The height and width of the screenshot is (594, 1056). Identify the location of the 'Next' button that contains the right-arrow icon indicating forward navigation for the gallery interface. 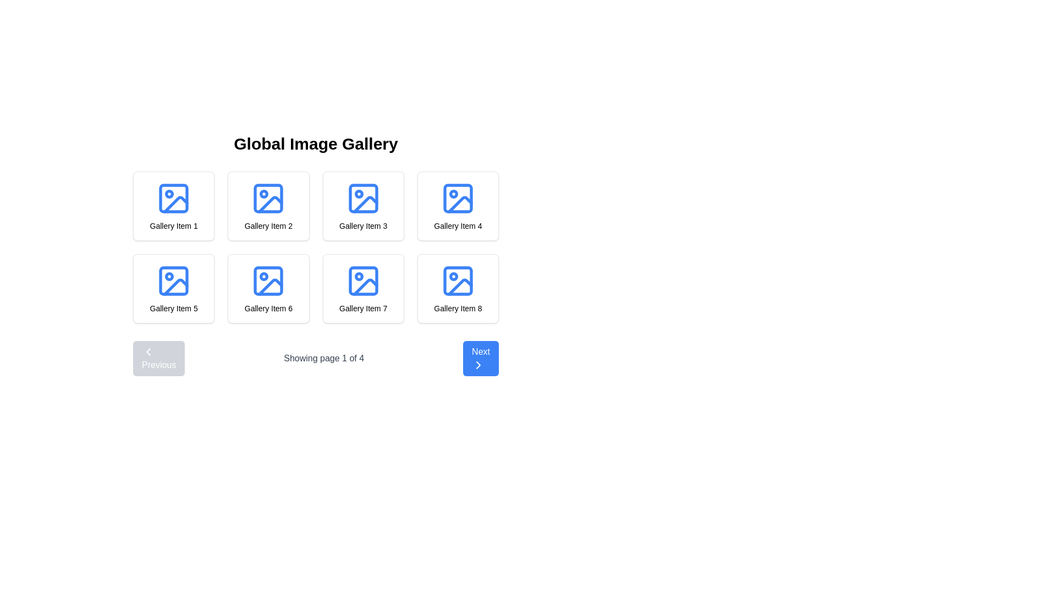
(479, 365).